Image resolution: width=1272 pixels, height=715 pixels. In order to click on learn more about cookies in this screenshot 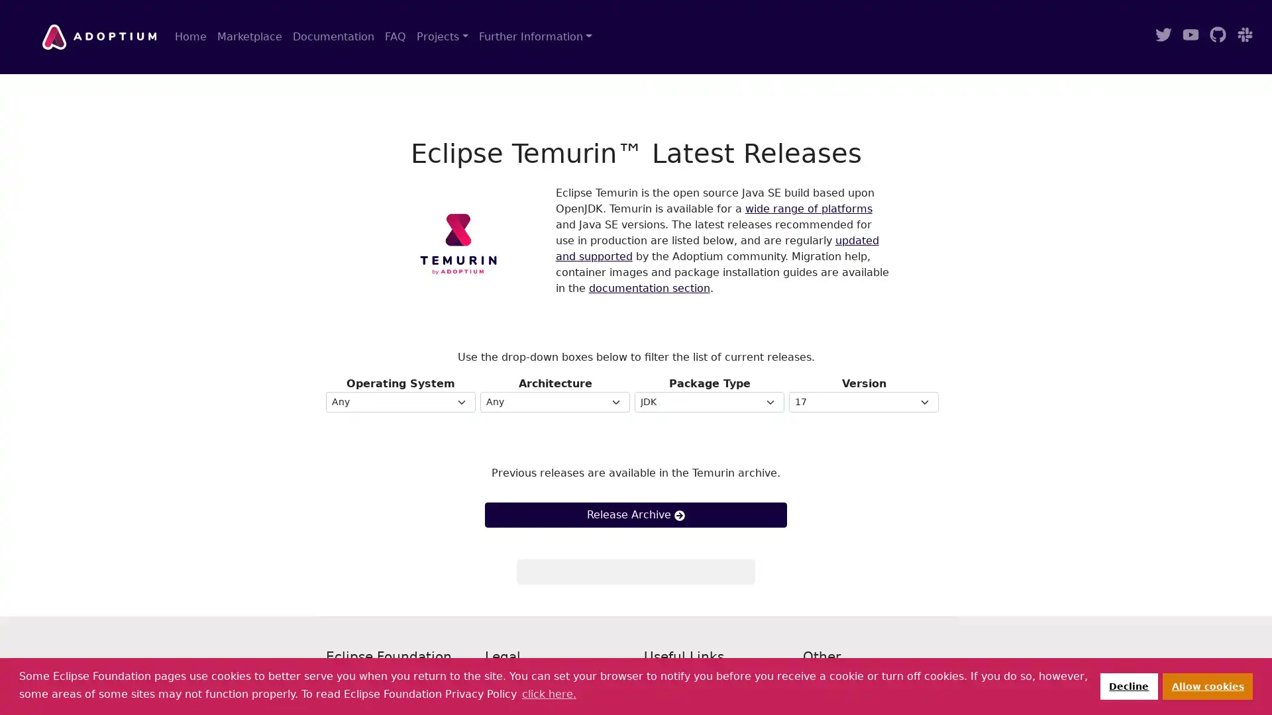, I will do `click(549, 693)`.